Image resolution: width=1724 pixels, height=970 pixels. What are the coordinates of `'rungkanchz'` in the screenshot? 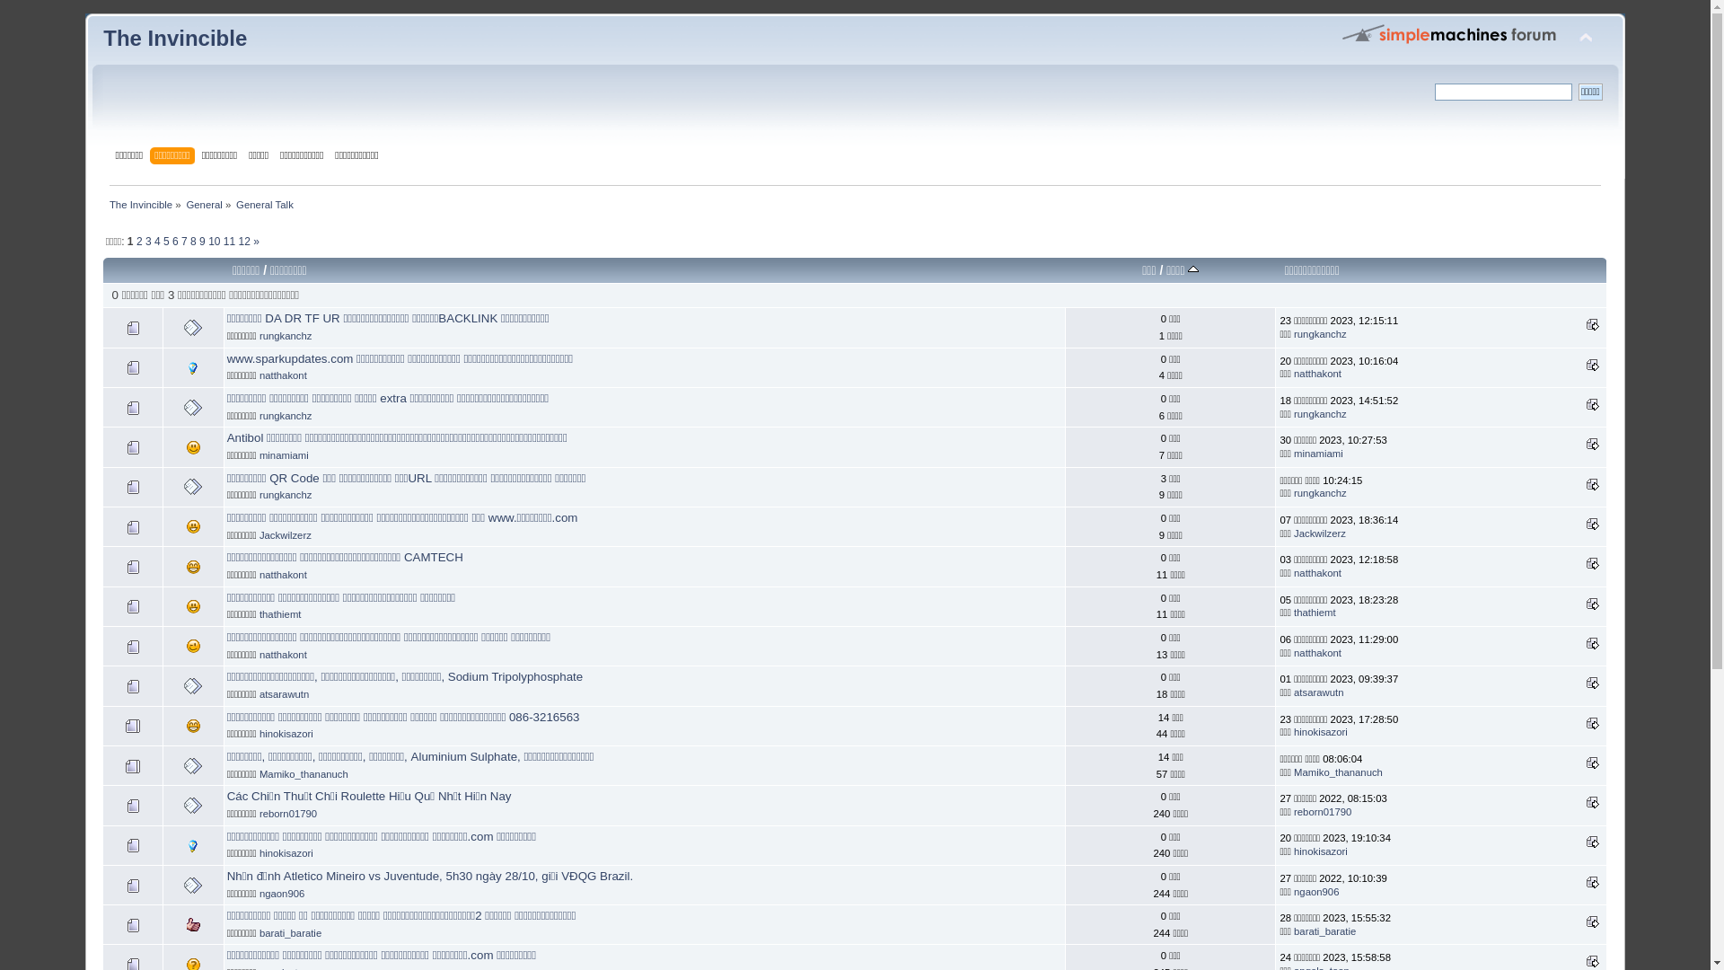 It's located at (285, 415).